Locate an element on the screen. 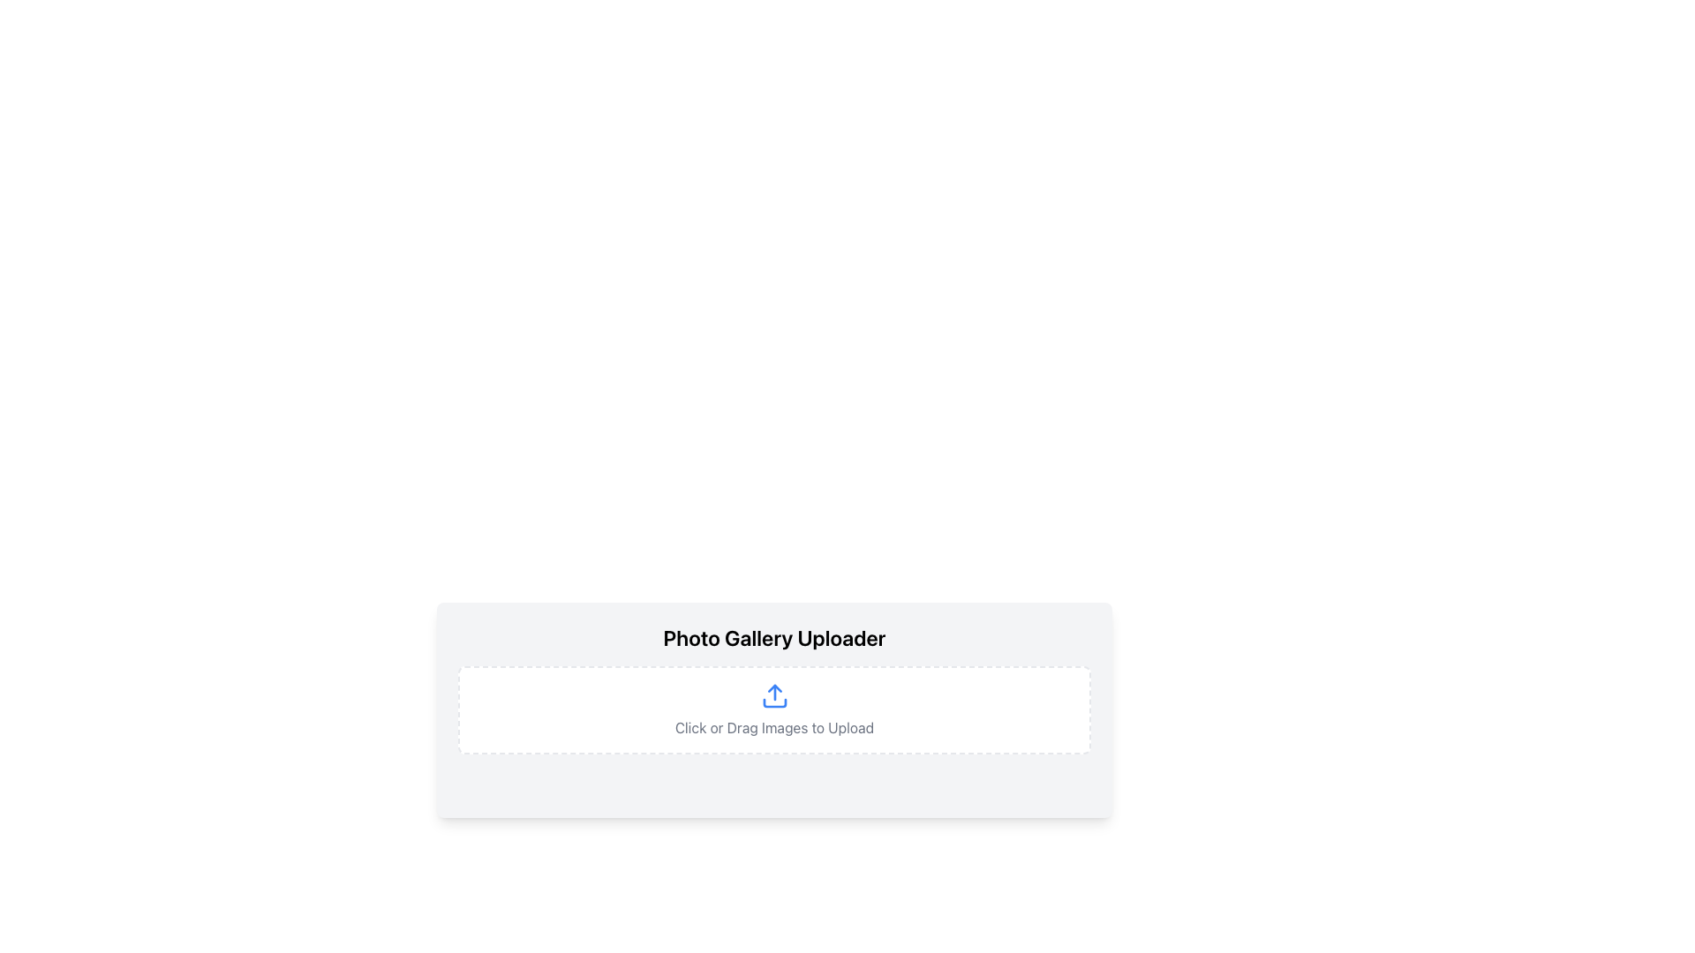 The height and width of the screenshot is (953, 1695). the uploader icon located within the dashed-bordered area above the text 'Click or Drag Images to Upload' is located at coordinates (774, 695).